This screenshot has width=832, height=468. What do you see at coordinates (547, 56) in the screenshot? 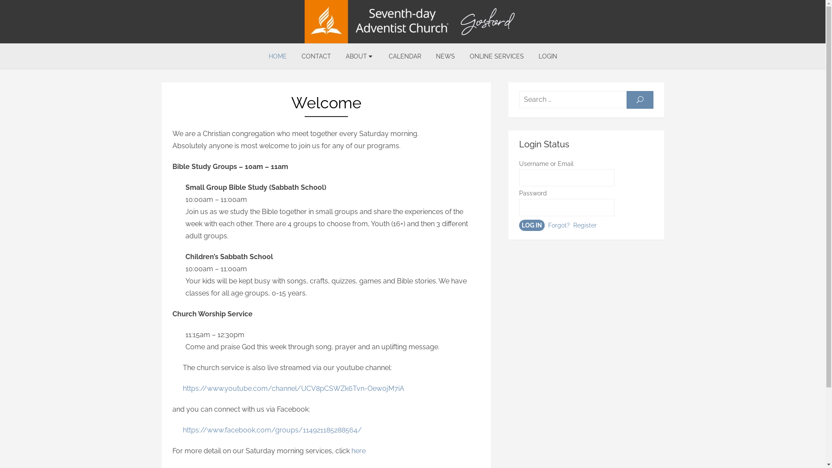
I see `'LOGIN'` at bounding box center [547, 56].